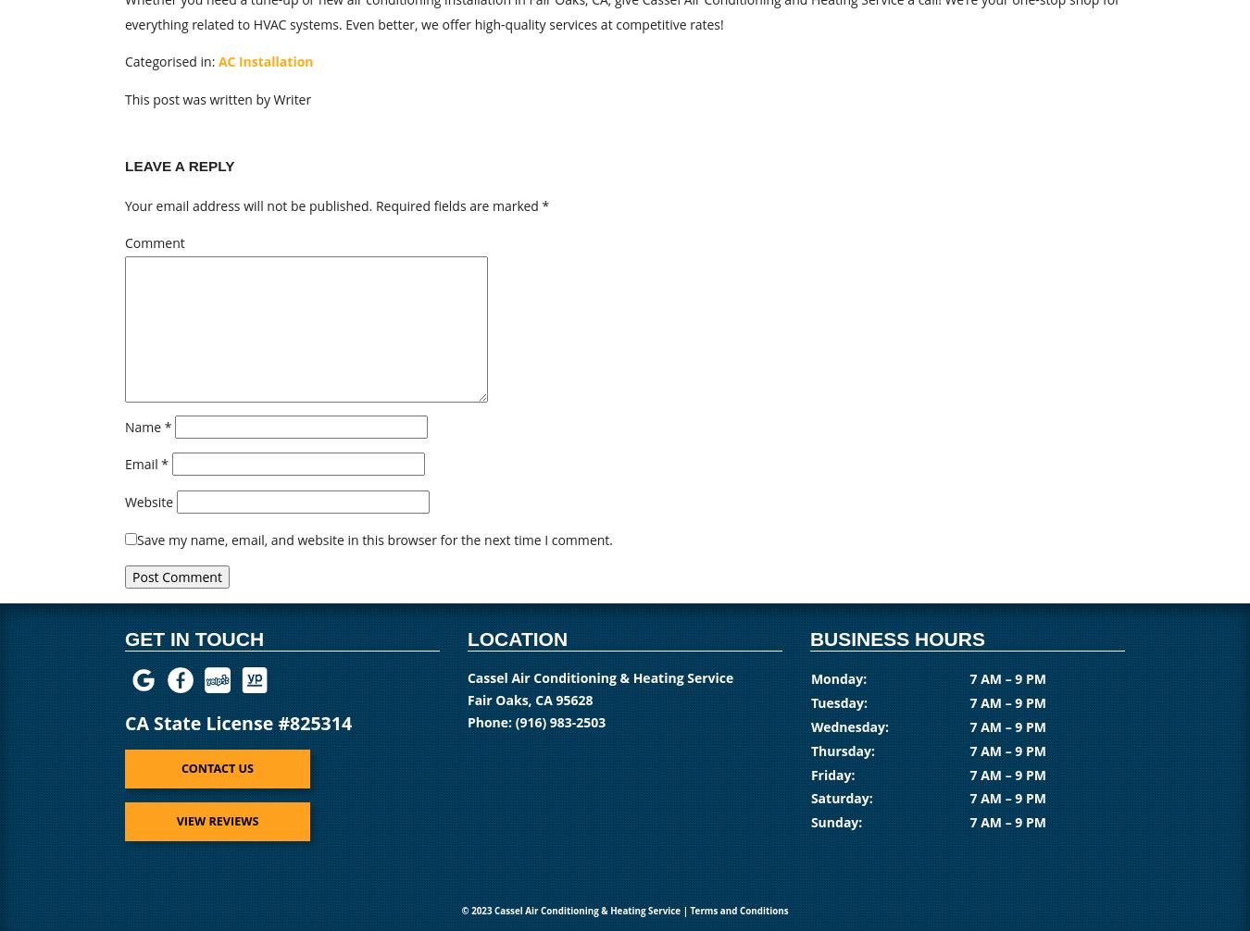 This screenshot has width=1250, height=931. What do you see at coordinates (842, 749) in the screenshot?
I see `'Thursday:'` at bounding box center [842, 749].